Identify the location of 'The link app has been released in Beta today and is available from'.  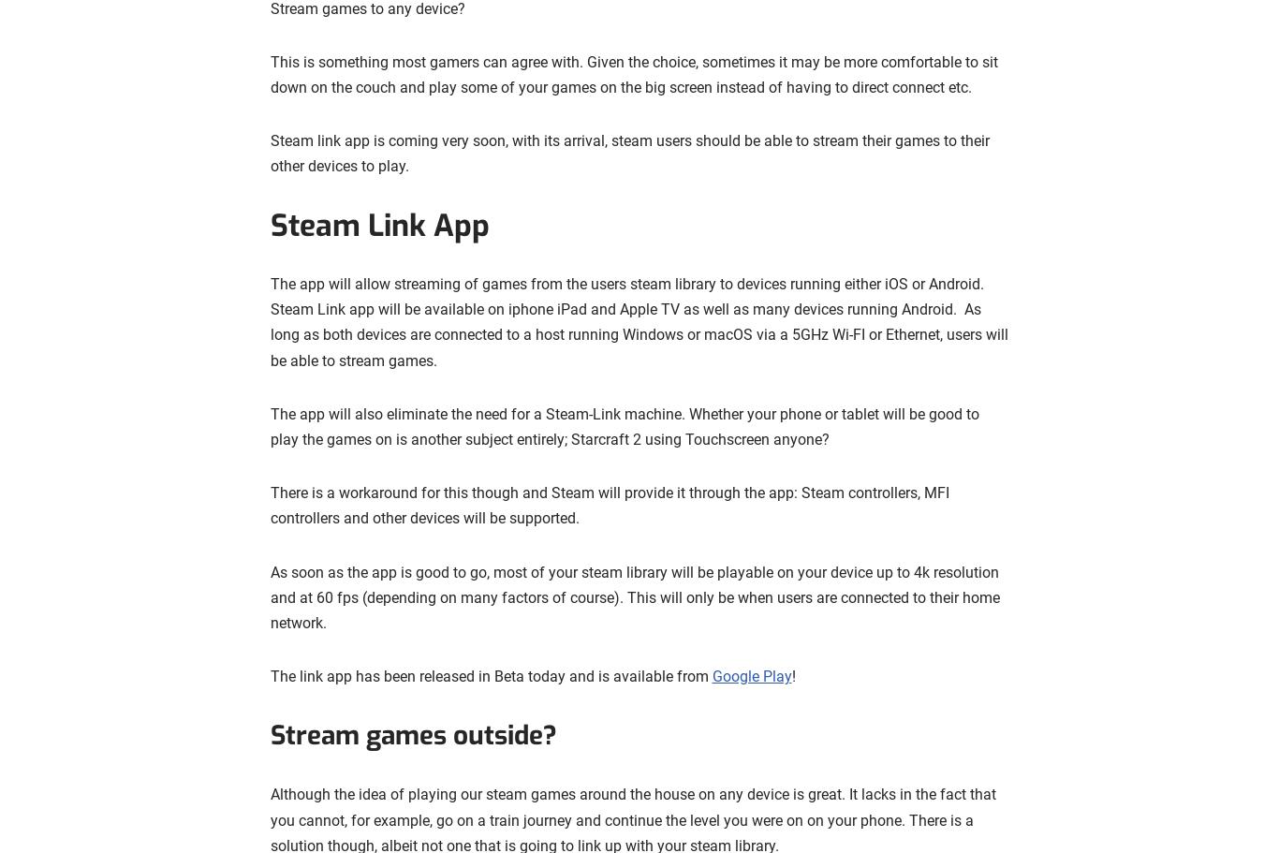
(490, 676).